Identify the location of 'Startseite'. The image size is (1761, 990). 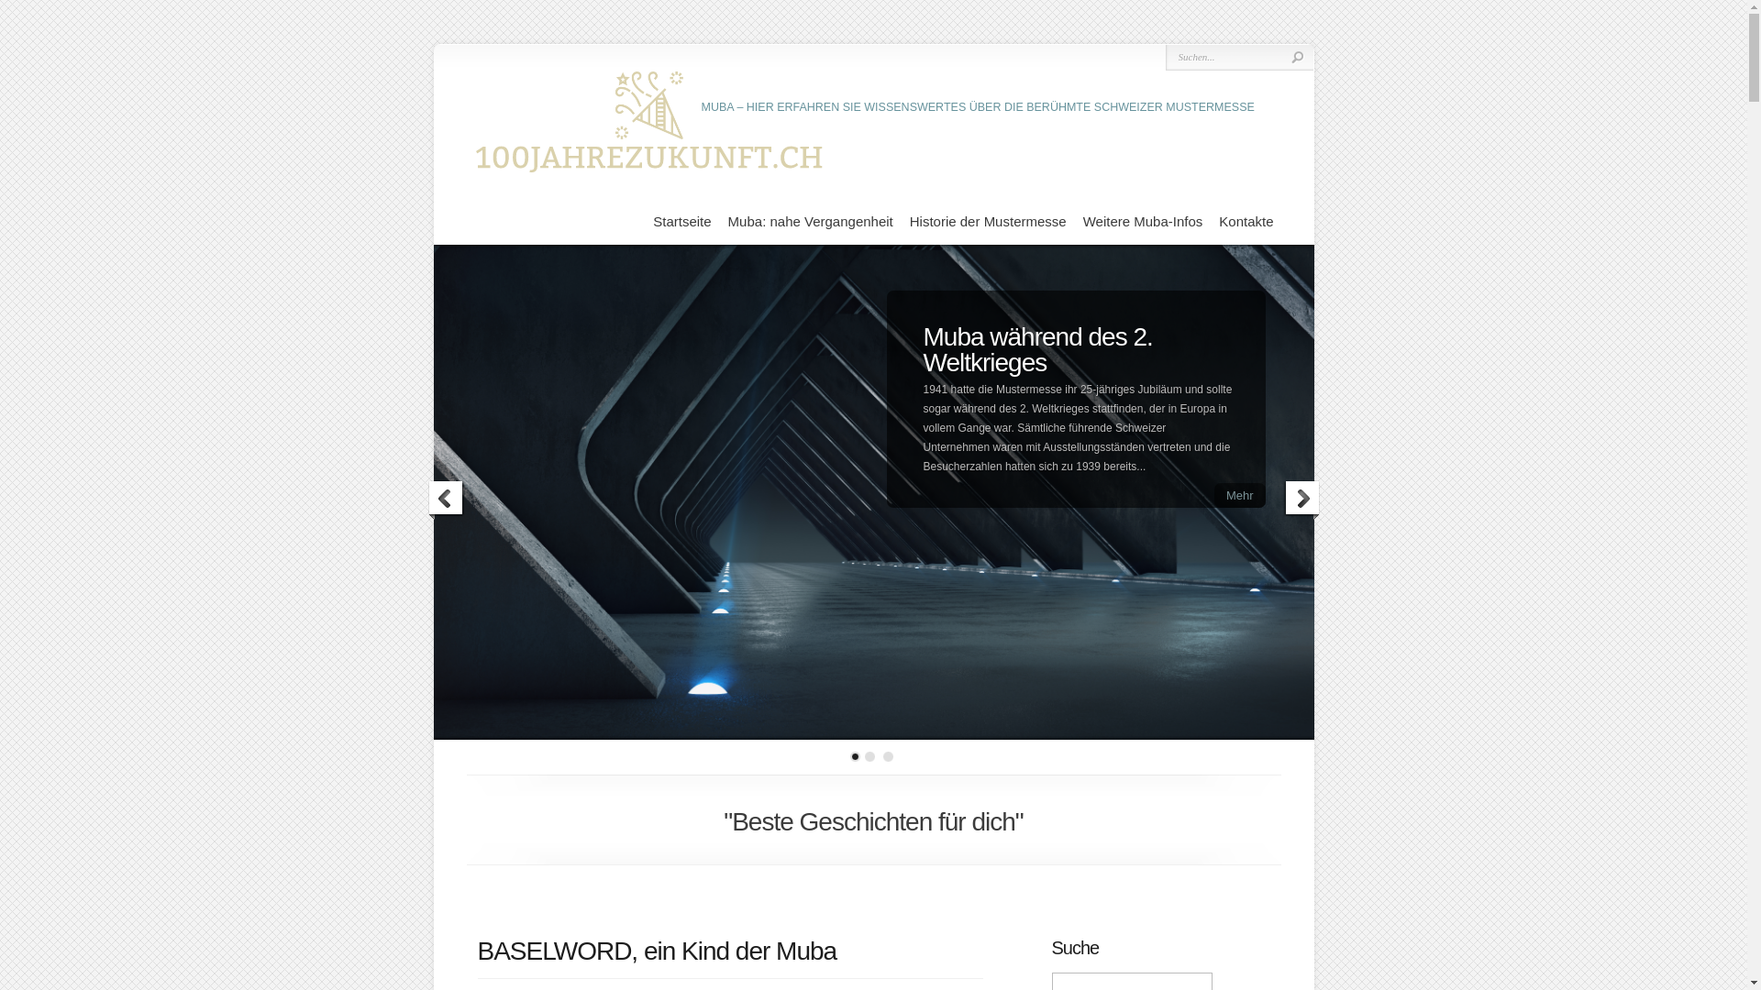
(681, 221).